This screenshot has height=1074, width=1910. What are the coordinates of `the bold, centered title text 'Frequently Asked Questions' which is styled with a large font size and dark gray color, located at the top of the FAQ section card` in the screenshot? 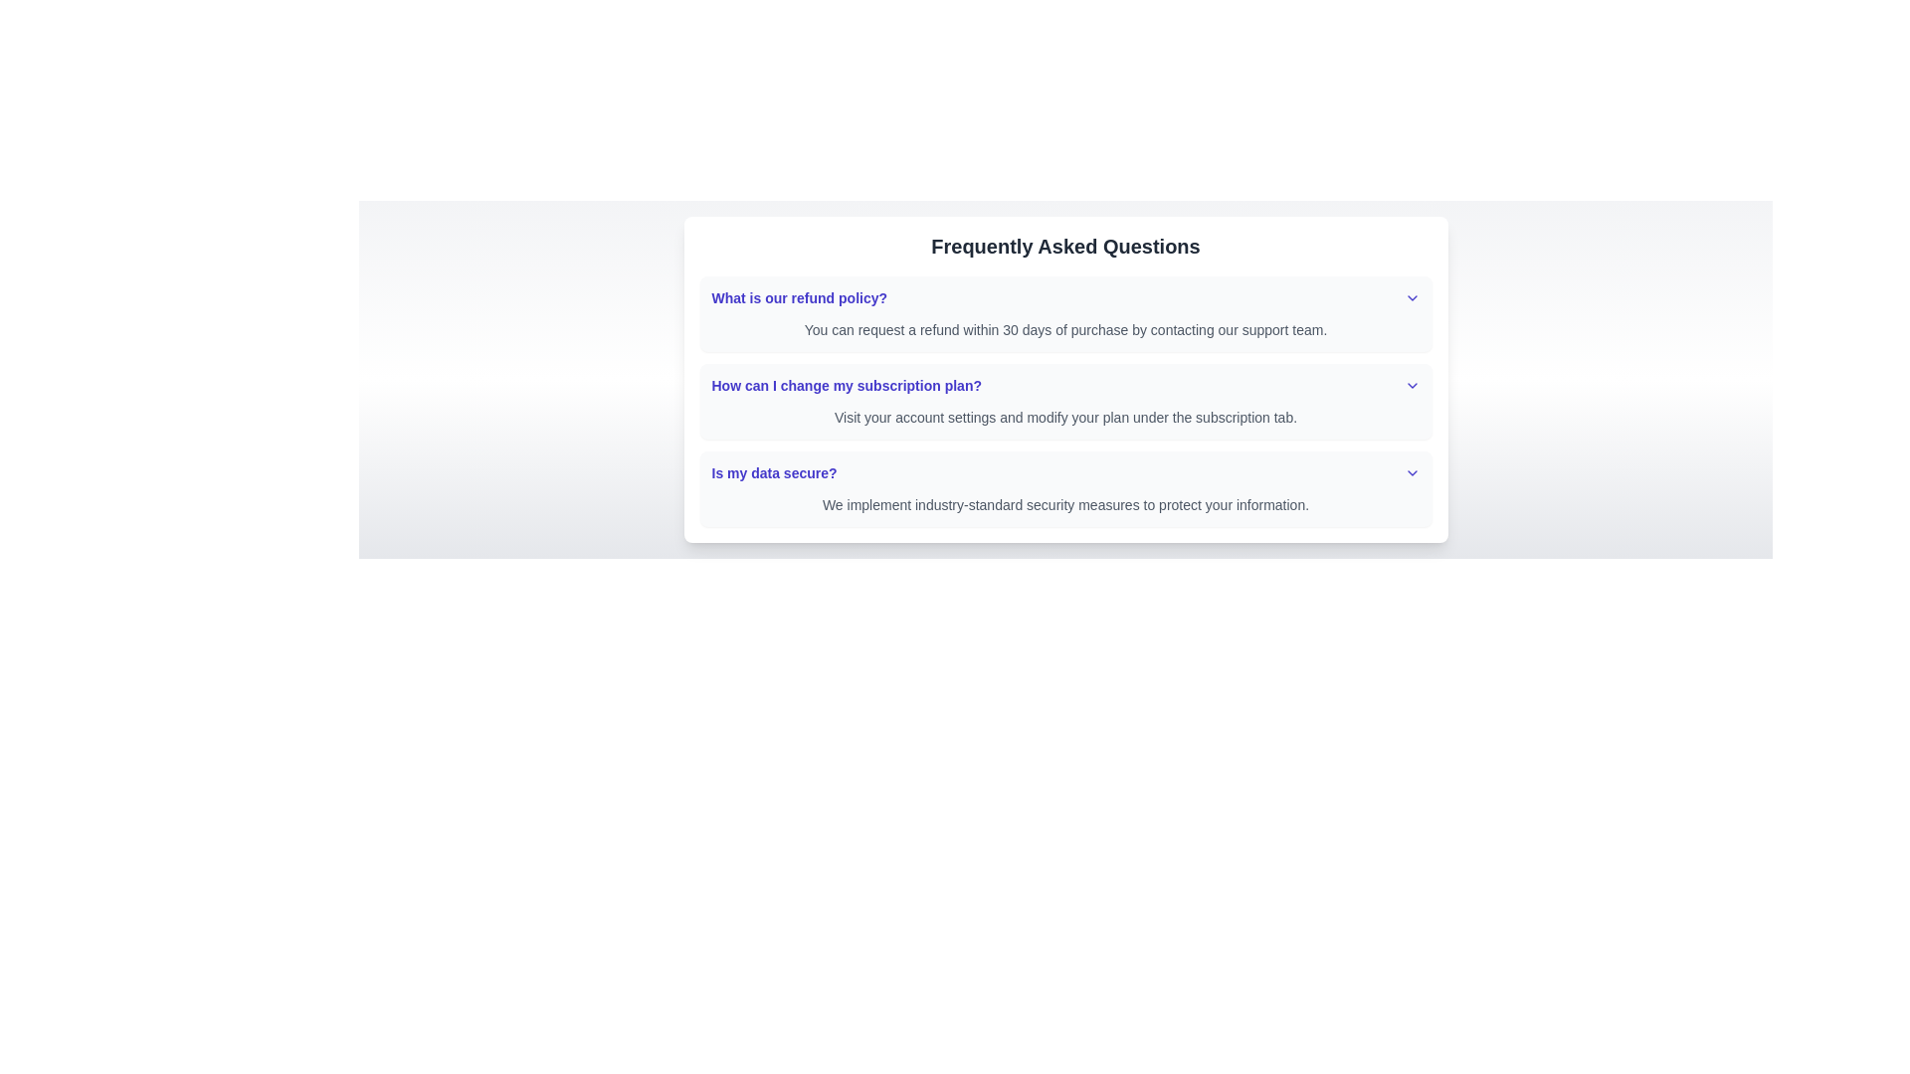 It's located at (1064, 245).